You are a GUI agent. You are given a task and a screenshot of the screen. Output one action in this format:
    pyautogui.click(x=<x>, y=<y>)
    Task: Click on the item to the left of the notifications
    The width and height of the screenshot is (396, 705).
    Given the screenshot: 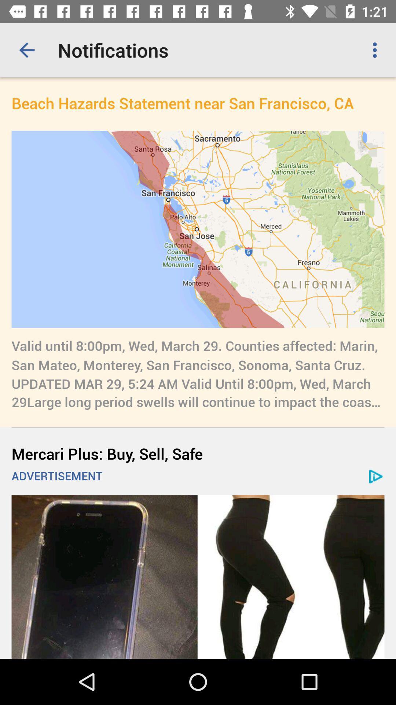 What is the action you would take?
    pyautogui.click(x=26, y=50)
    